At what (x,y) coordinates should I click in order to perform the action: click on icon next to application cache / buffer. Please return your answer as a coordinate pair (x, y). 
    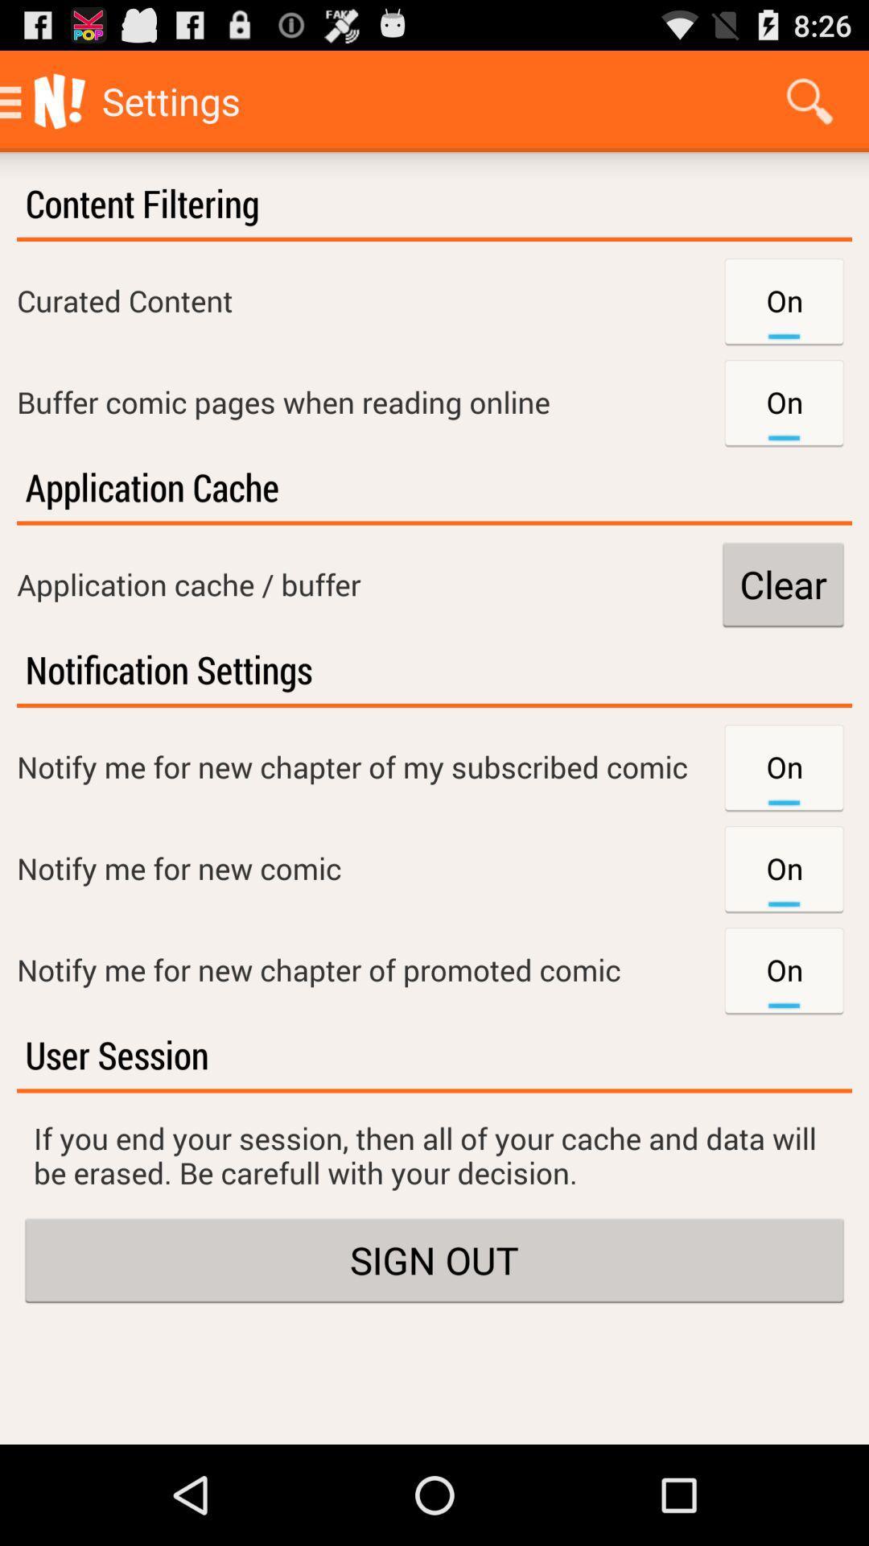
    Looking at the image, I should click on (782, 583).